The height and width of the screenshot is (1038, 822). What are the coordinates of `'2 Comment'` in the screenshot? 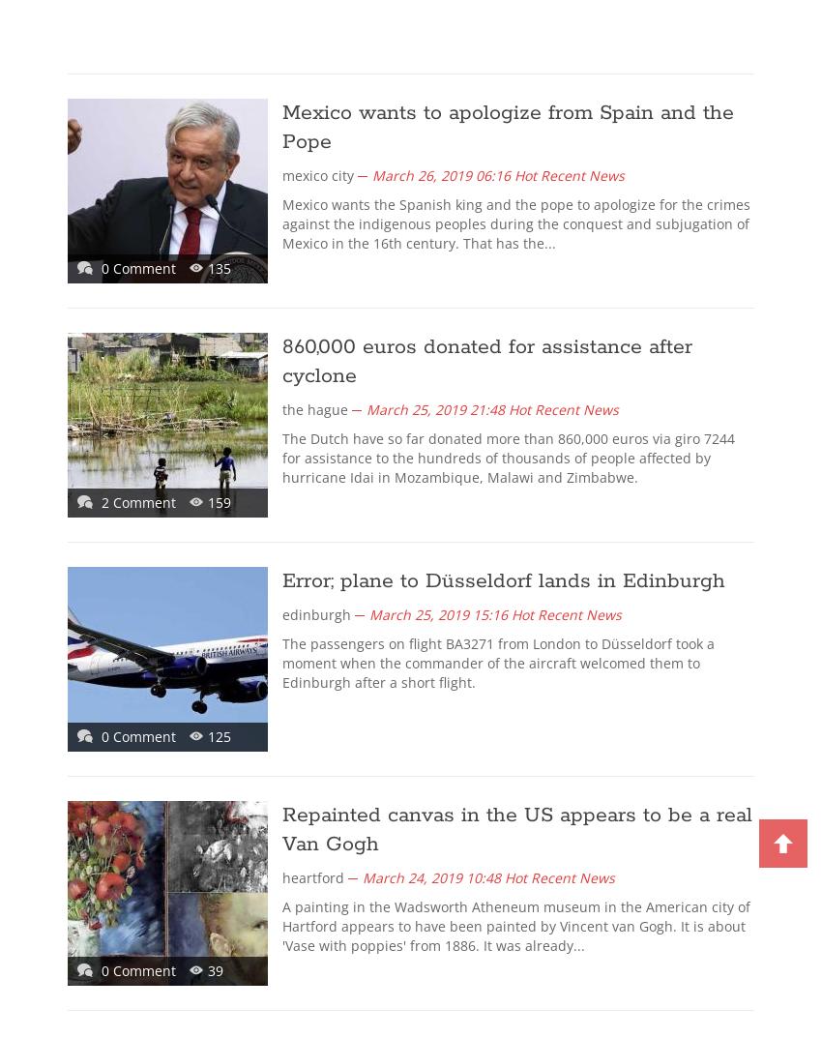 It's located at (138, 501).